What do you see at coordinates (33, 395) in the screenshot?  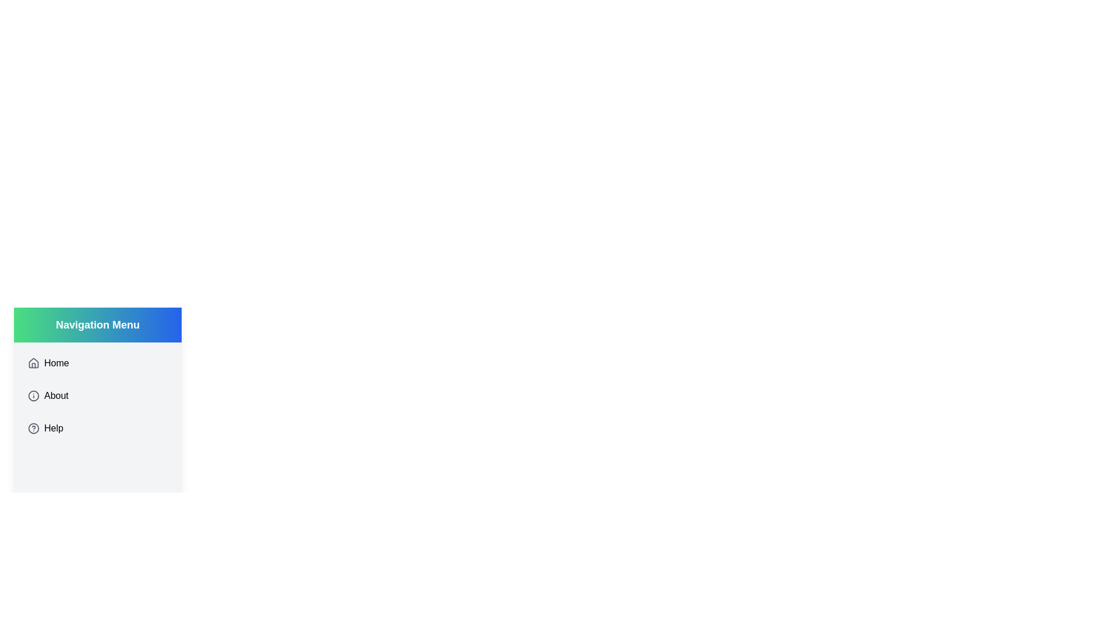 I see `the gray circular icon in the SVG graphic representing information, positioned next to the 'About' label in the vertical navigation menu` at bounding box center [33, 395].